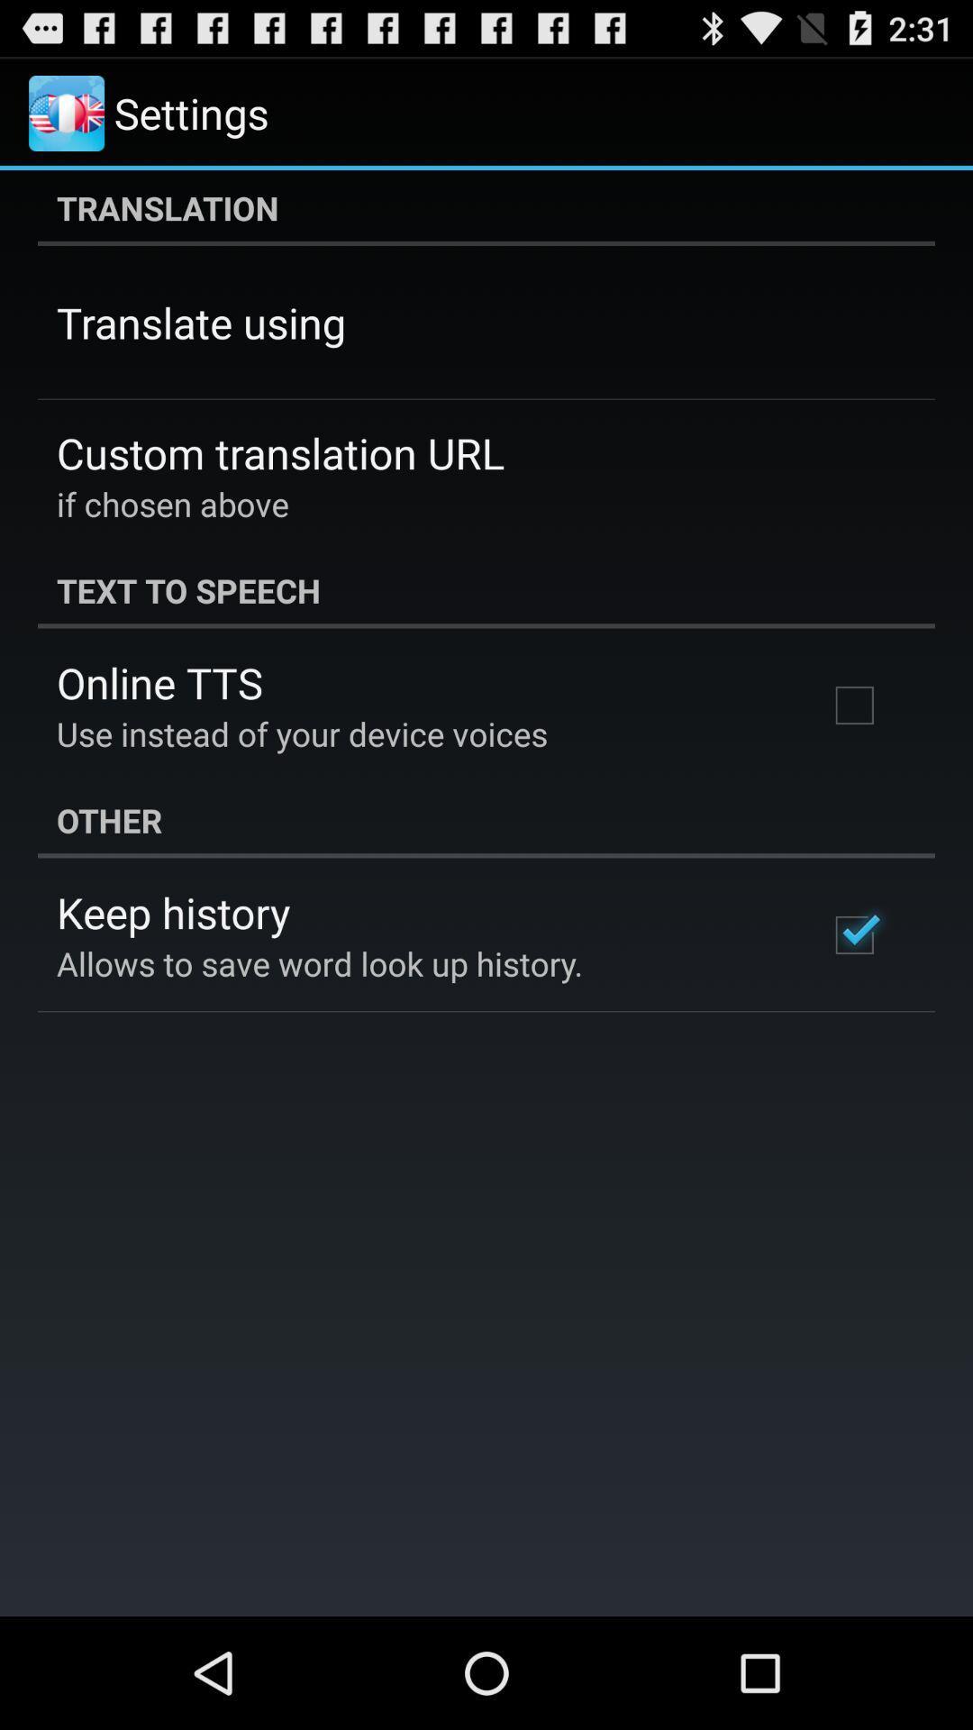 Image resolution: width=973 pixels, height=1730 pixels. I want to click on app below the if chosen above, so click(486, 590).